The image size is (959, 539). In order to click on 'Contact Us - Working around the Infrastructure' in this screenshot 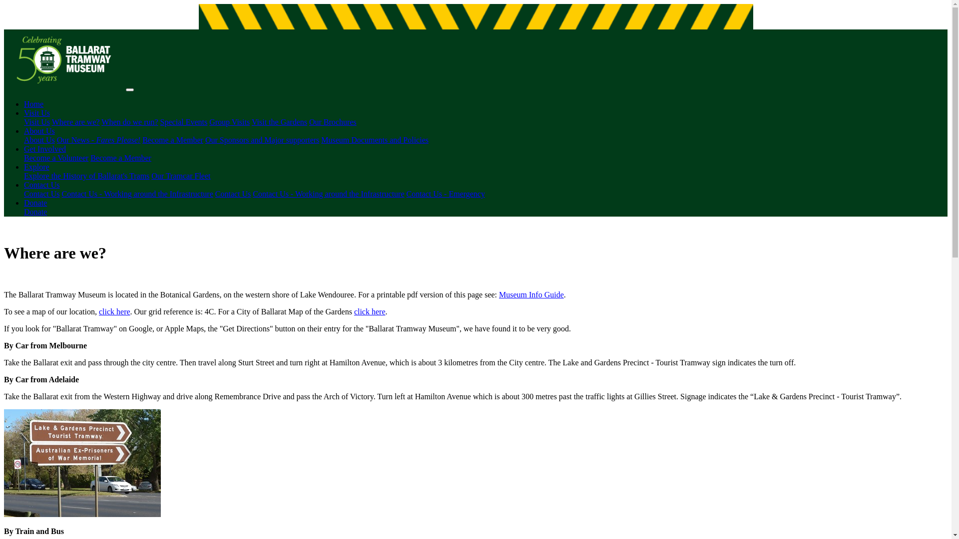, I will do `click(328, 194)`.